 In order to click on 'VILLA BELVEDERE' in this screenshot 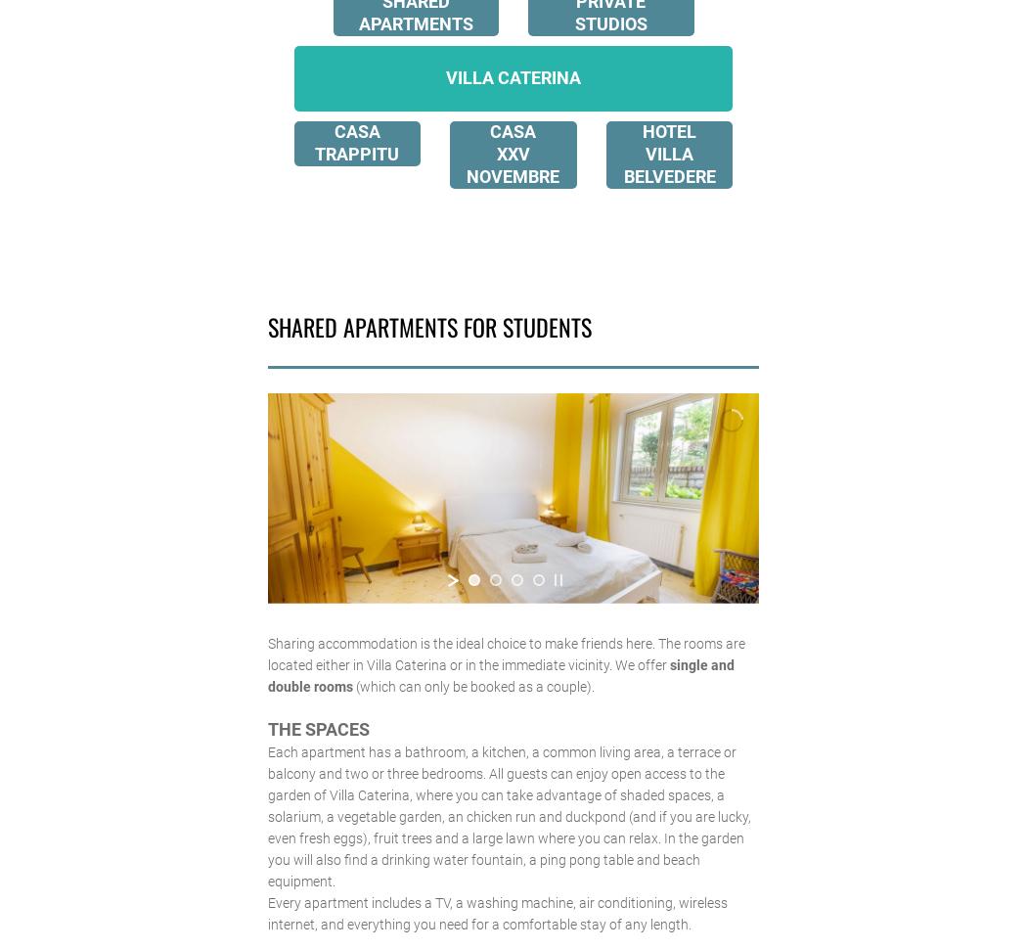, I will do `click(668, 162)`.